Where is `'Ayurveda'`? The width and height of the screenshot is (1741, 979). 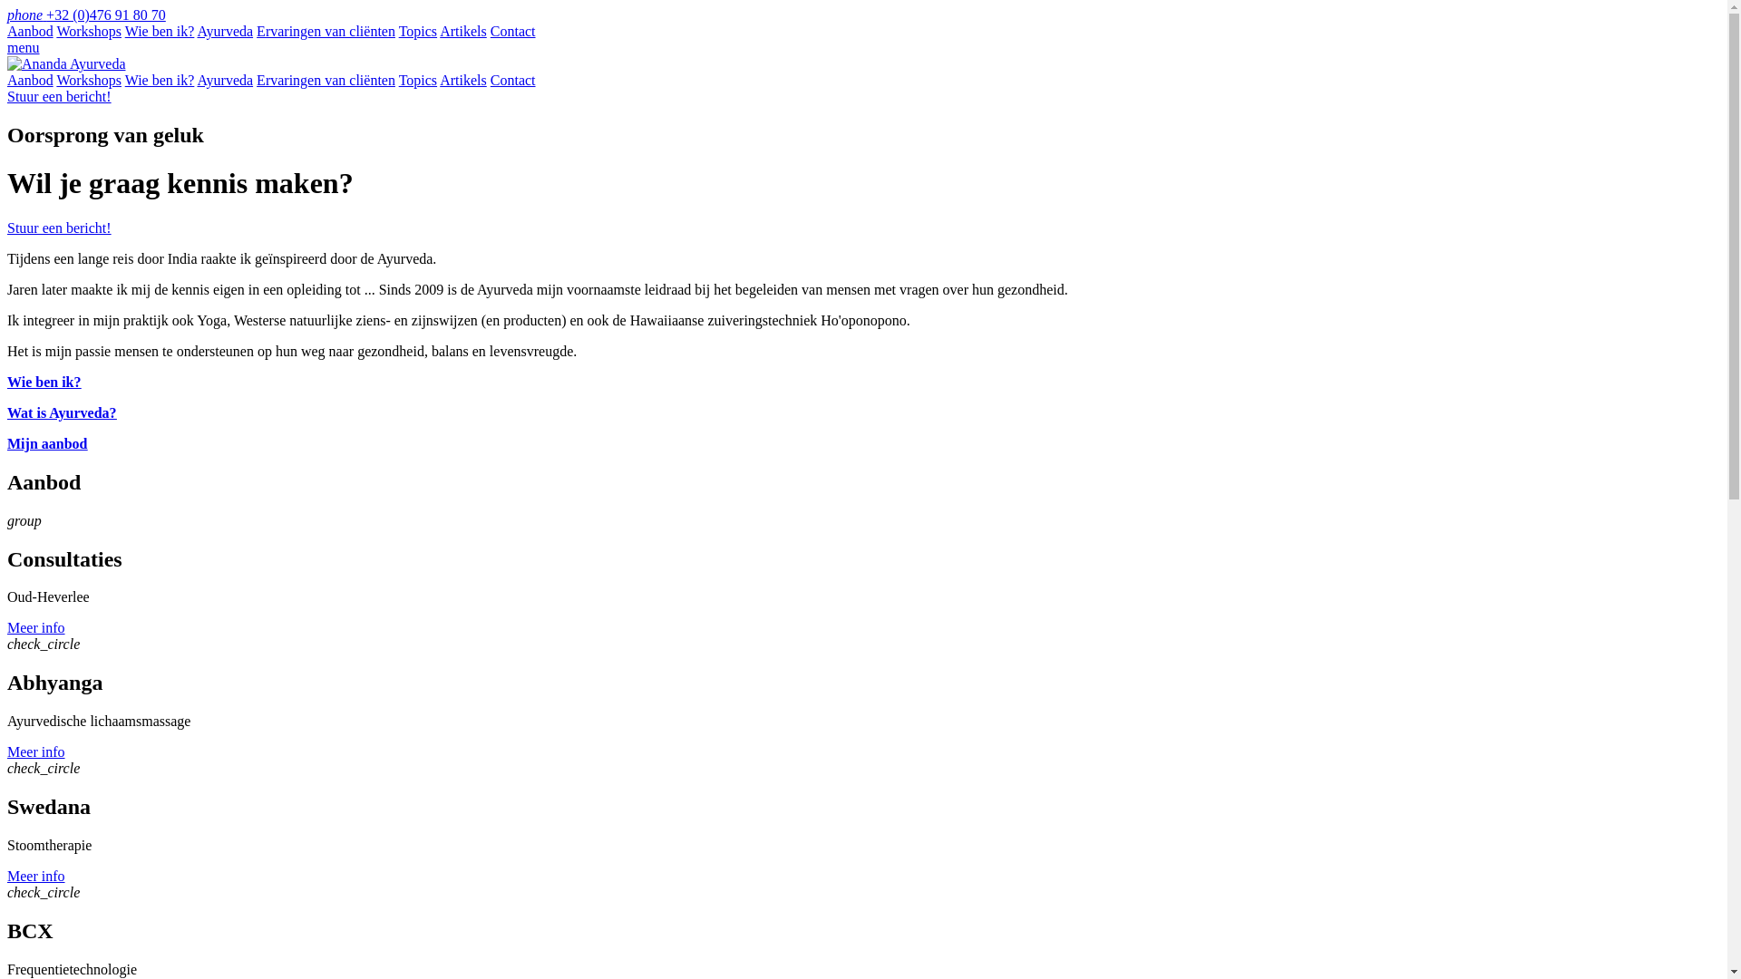 'Ayurveda' is located at coordinates (224, 31).